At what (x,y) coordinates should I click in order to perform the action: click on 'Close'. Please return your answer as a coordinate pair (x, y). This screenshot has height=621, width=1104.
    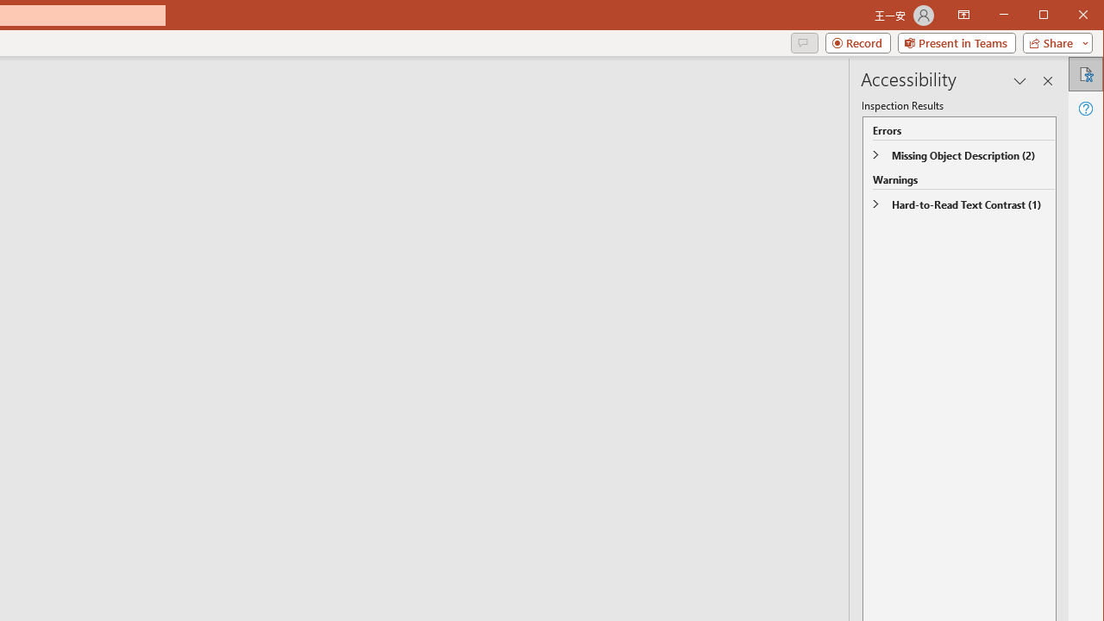
    Looking at the image, I should click on (1087, 16).